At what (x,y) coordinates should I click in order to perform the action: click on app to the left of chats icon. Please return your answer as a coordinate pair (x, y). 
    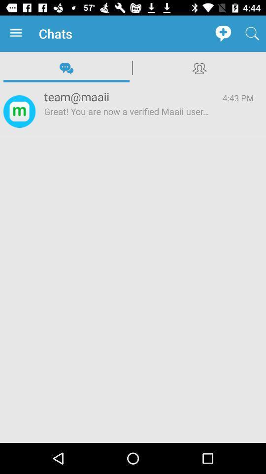
    Looking at the image, I should click on (18, 34).